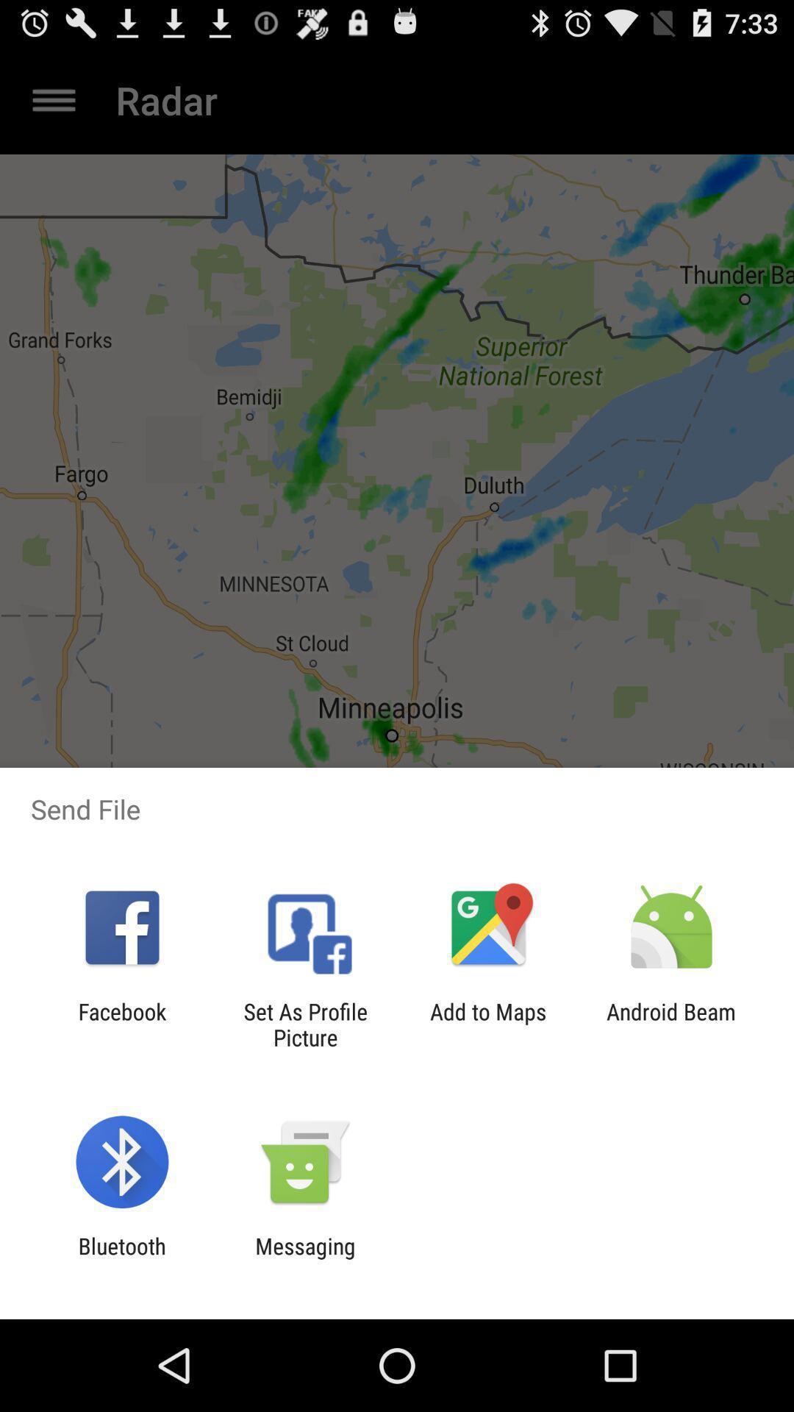  What do you see at coordinates (488, 1024) in the screenshot?
I see `item to the left of android beam` at bounding box center [488, 1024].